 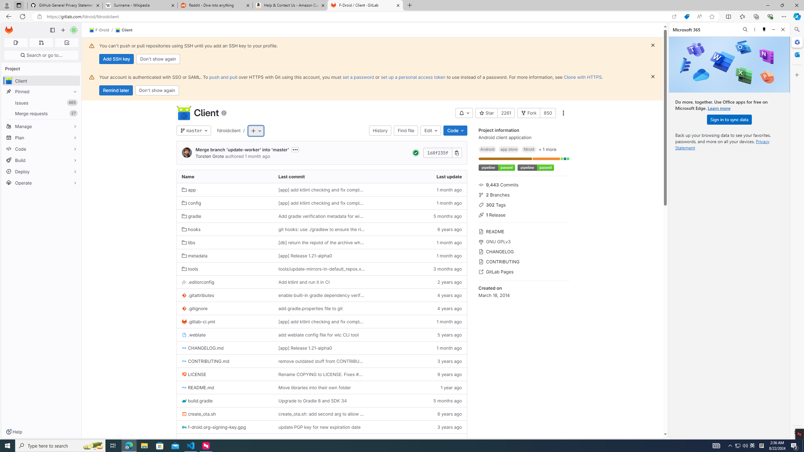 I want to click on 'Suriname - Wikipedia', so click(x=139, y=5).